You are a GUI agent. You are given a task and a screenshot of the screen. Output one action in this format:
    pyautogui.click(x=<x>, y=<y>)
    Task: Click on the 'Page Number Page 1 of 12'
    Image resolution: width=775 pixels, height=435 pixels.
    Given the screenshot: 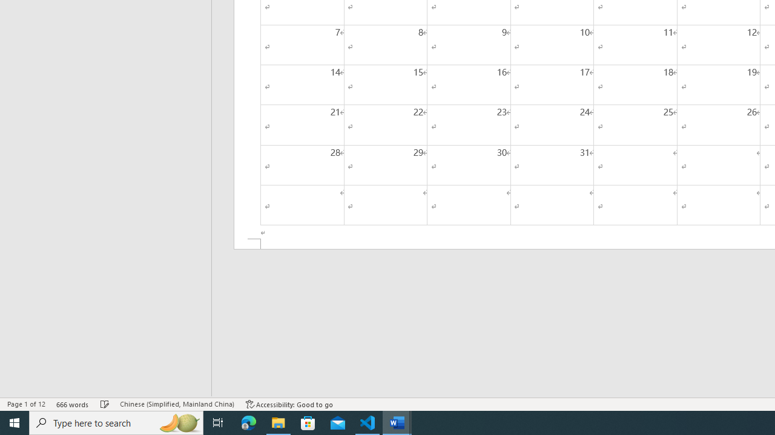 What is the action you would take?
    pyautogui.click(x=26, y=404)
    